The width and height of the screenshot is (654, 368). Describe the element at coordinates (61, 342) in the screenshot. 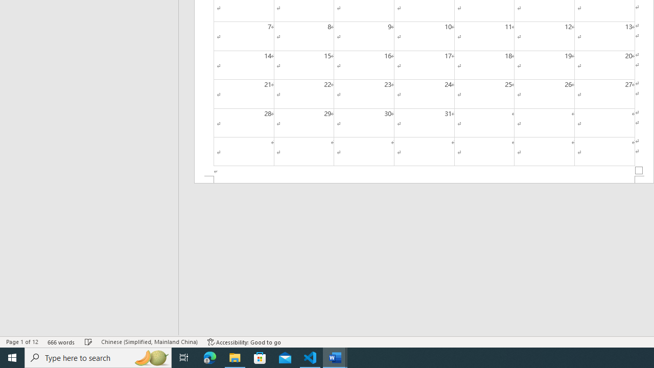

I see `'Word Count 666 words'` at that location.